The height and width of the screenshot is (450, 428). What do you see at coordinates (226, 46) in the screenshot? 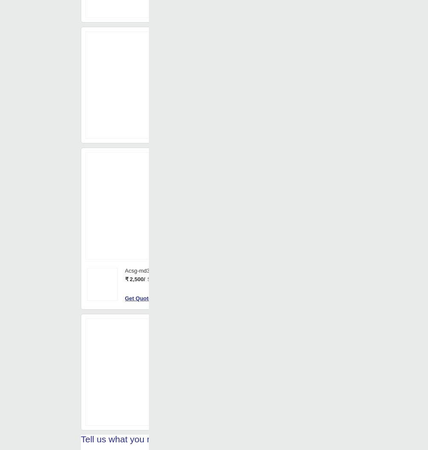
I see `':  Golden'` at bounding box center [226, 46].